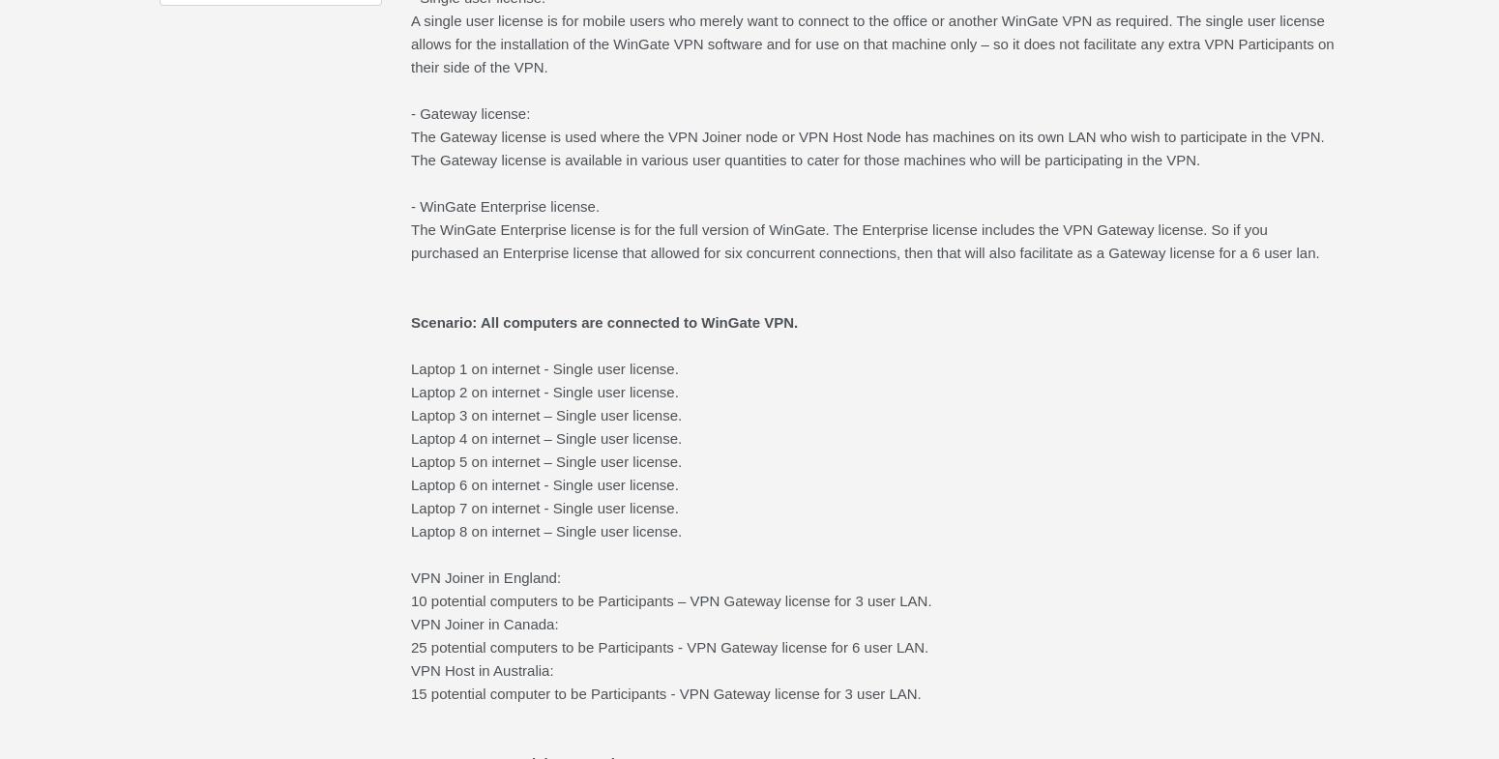  What do you see at coordinates (545, 438) in the screenshot?
I see `'Laptop 4 on internet – Single user license.'` at bounding box center [545, 438].